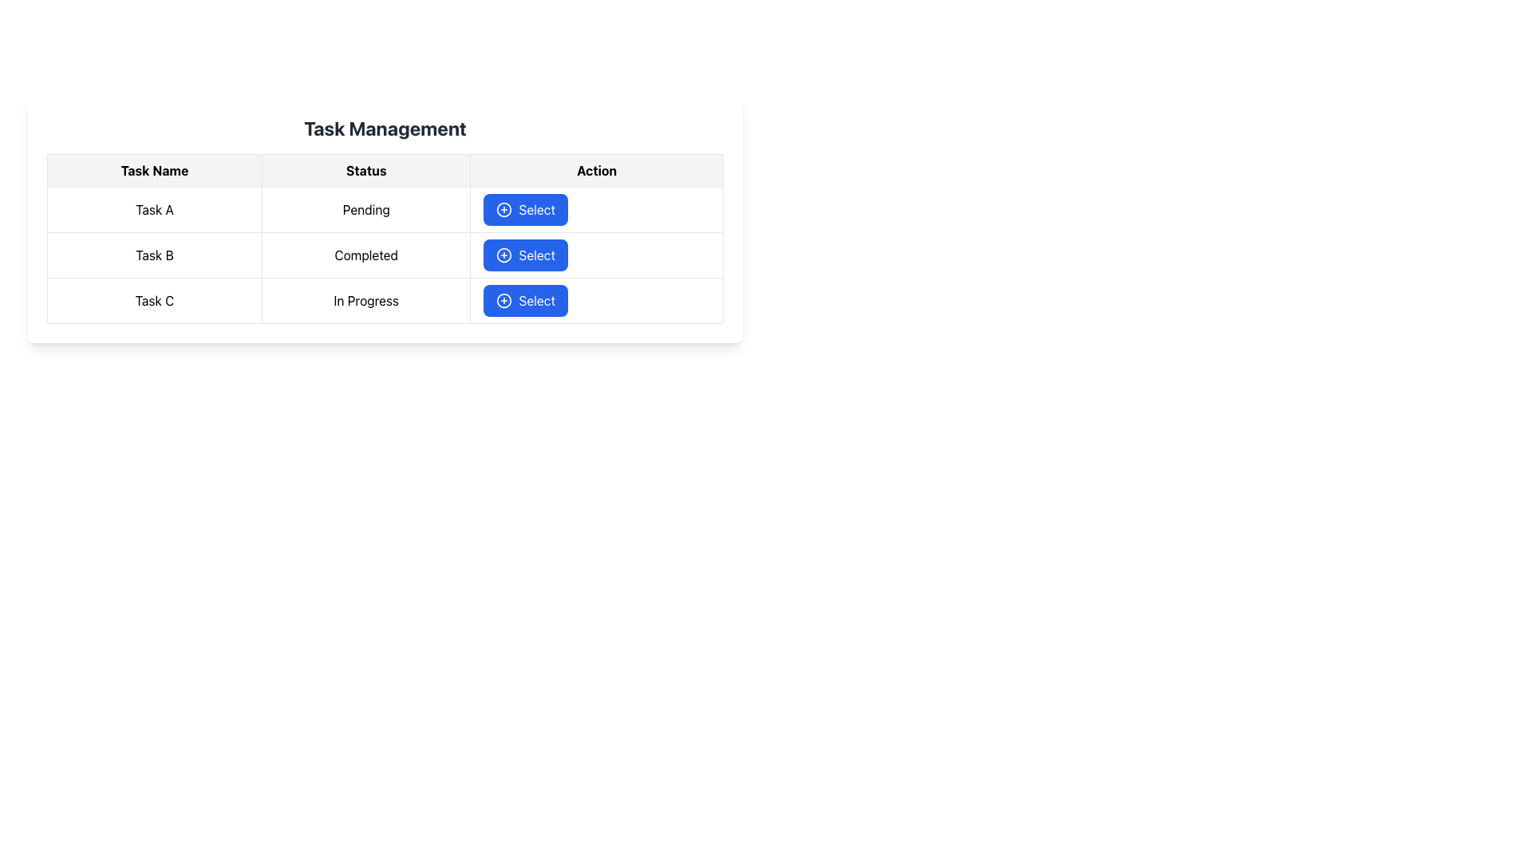 This screenshot has width=1532, height=862. Describe the element at coordinates (503, 255) in the screenshot. I see `the circular icon with a plus sign inside, which is part of the 'Select' button located in the second column under the 'Action' heading, to initiate a selection action` at that location.